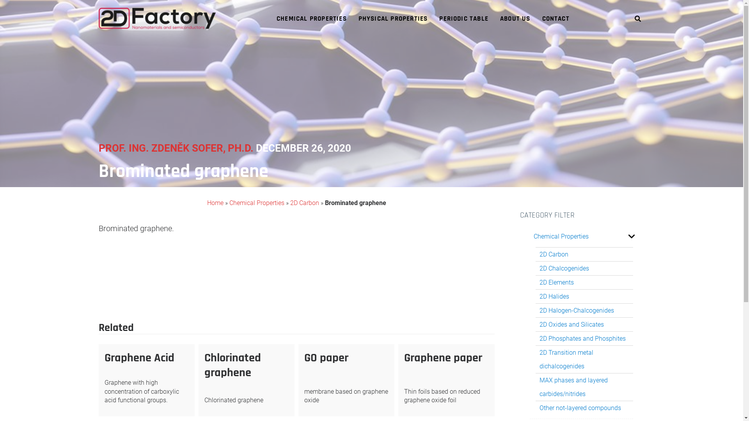 This screenshot has height=421, width=749. I want to click on '2D Chalcogenides', so click(564, 268).